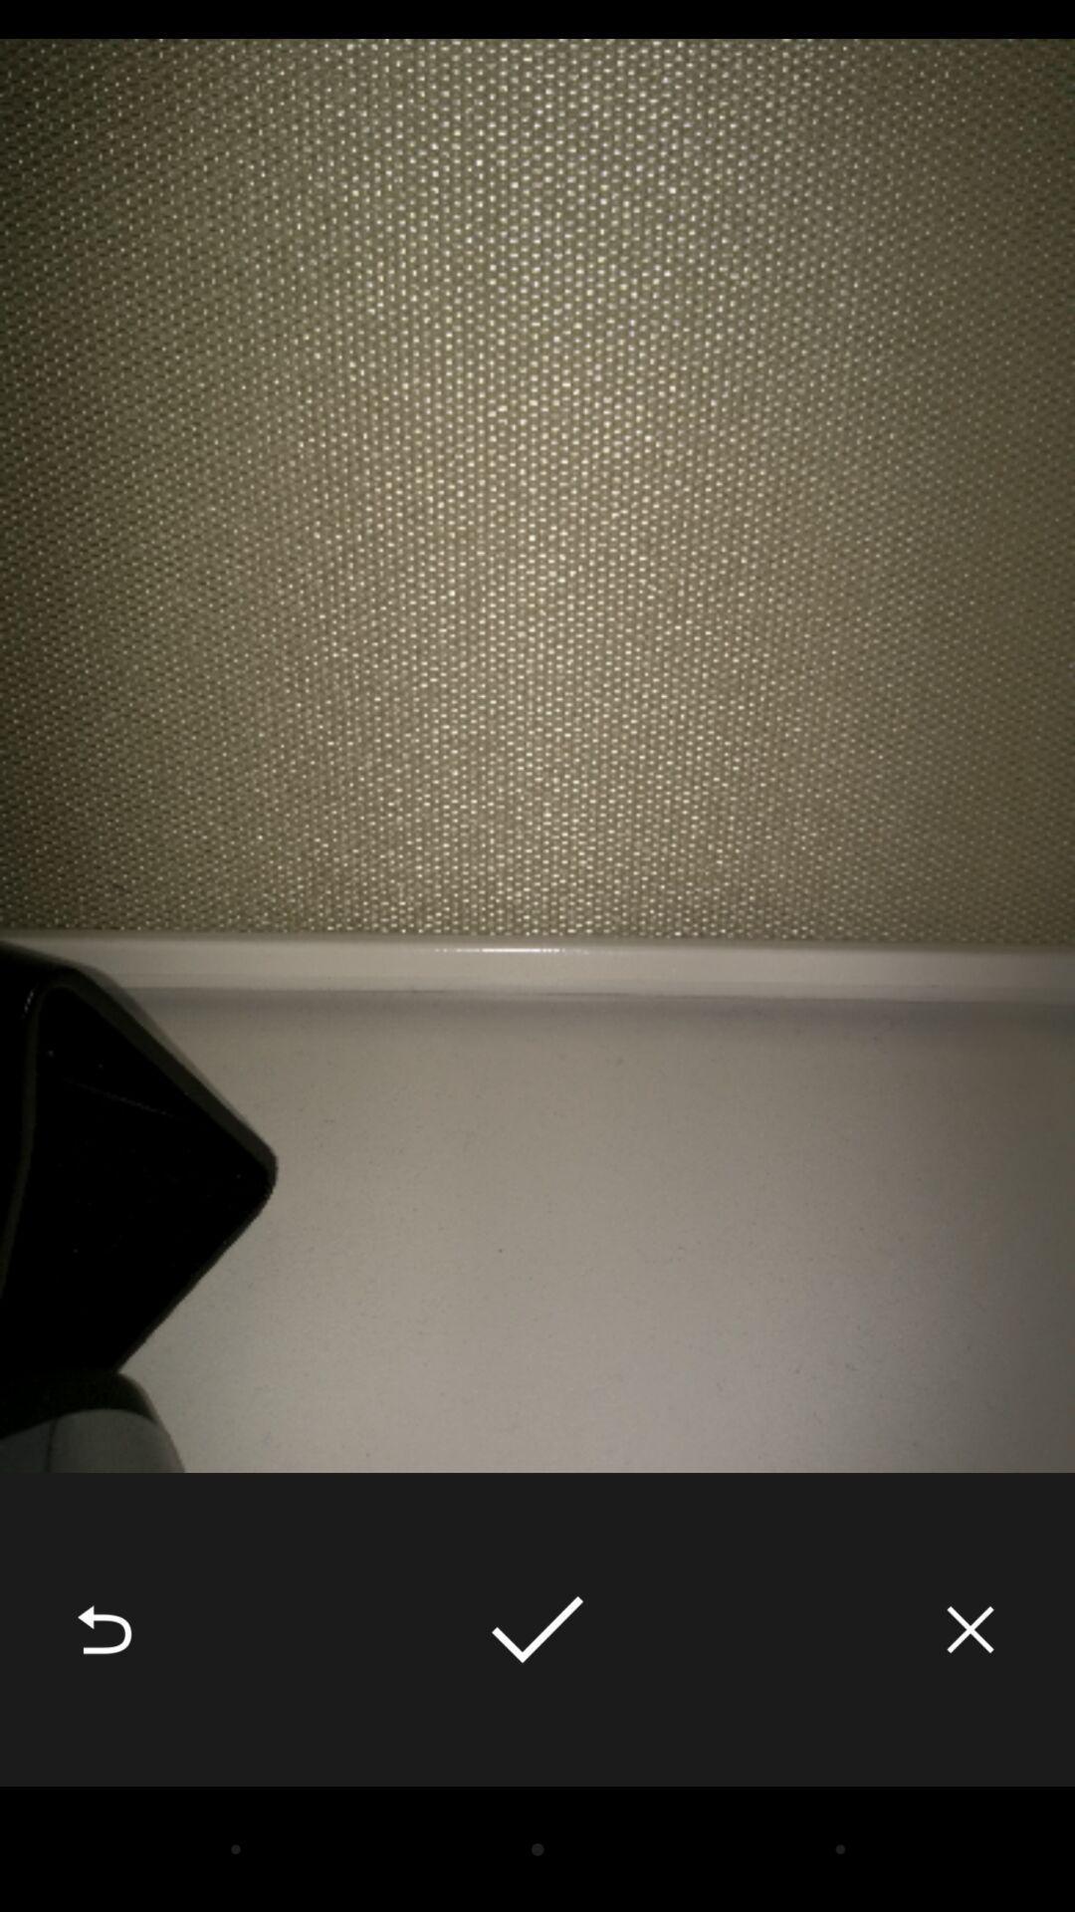 The width and height of the screenshot is (1075, 1912). Describe the element at coordinates (104, 1629) in the screenshot. I see `the item at the bottom left corner` at that location.